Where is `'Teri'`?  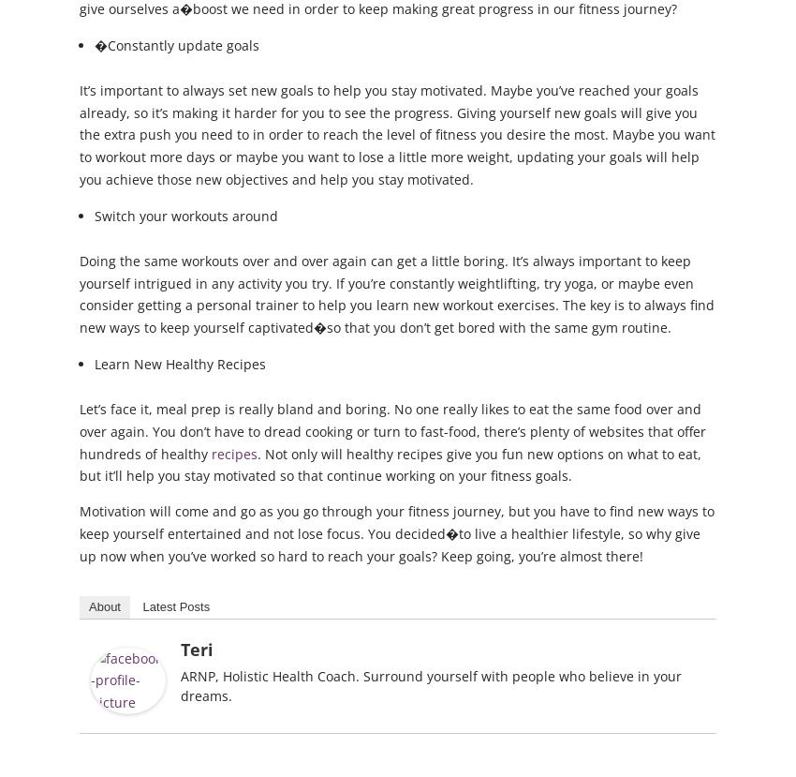 'Teri' is located at coordinates (196, 648).